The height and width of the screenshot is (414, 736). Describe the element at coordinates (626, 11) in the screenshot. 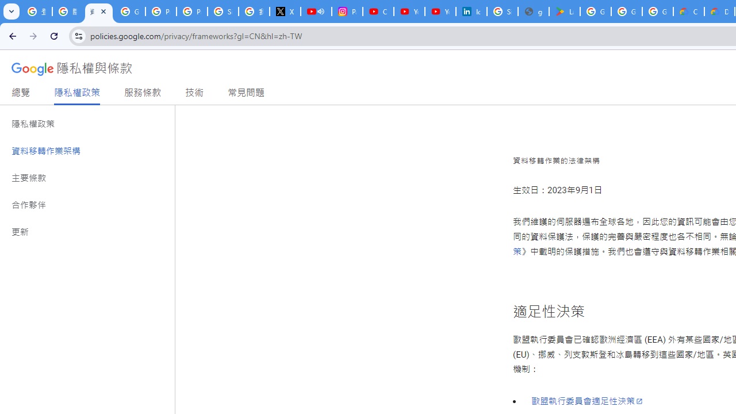

I see `'Google Workspace - Specific Terms'` at that location.